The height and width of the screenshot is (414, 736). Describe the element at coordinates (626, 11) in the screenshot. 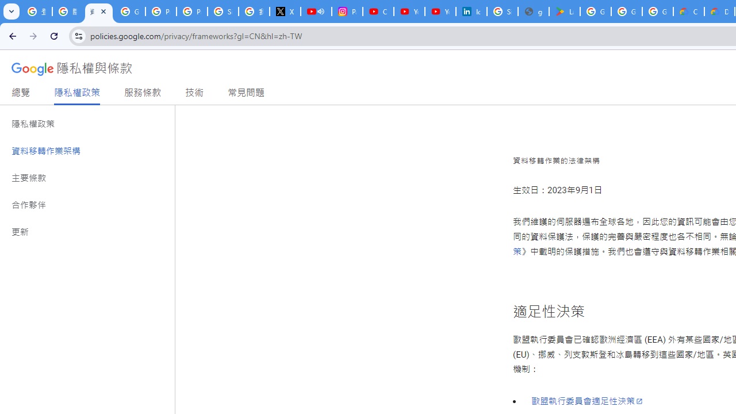

I see `'Google Workspace - Specific Terms'` at that location.